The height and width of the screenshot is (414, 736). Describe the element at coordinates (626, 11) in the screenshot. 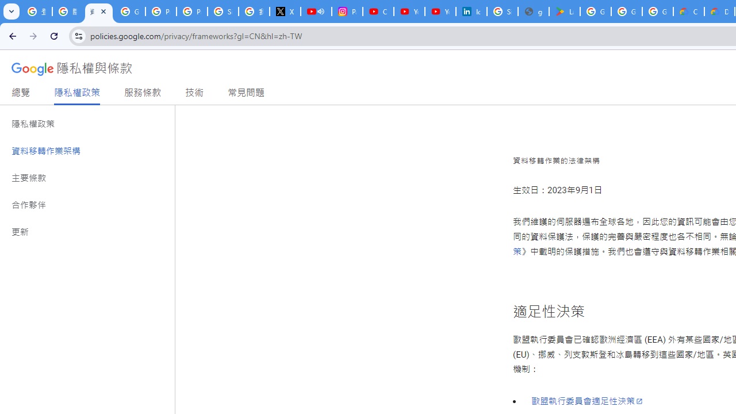

I see `'Google Workspace - Specific Terms'` at that location.